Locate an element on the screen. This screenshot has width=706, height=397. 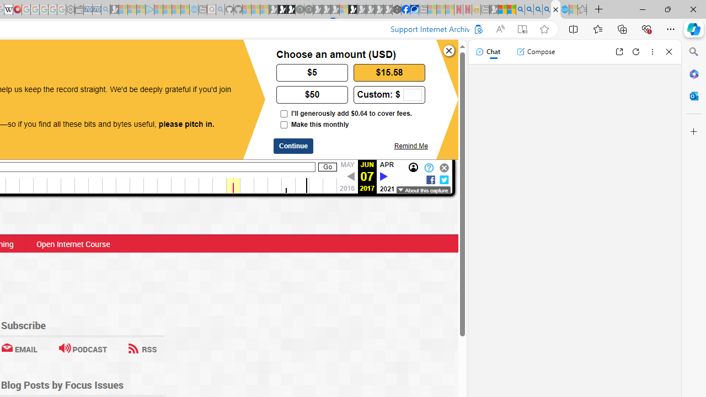
'2009 Bing officially replaced Live Search on June 3 - Search' is located at coordinates (528, 9).